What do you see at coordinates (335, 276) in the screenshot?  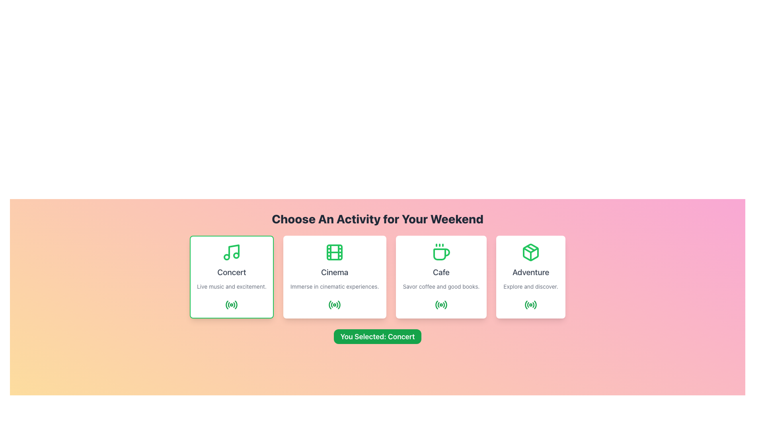 I see `the 'Cinema' activity option card, which is the second card from the left in a horizontally arranged section` at bounding box center [335, 276].